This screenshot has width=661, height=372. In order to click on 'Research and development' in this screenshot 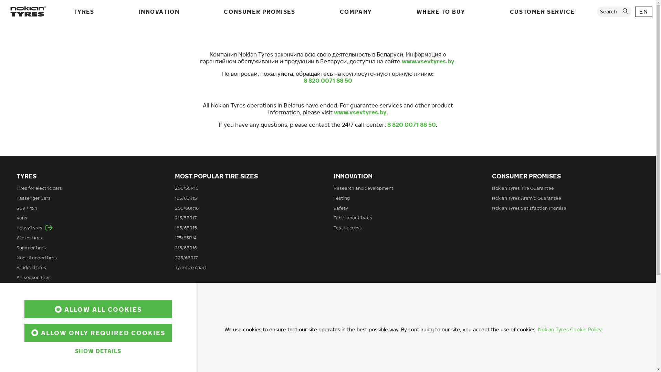, I will do `click(363, 188)`.